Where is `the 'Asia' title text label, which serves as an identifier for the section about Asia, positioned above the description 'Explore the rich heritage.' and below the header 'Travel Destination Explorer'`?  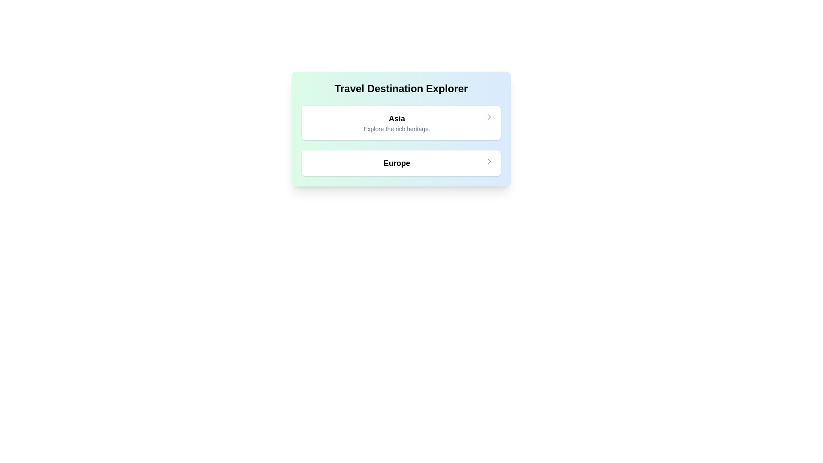
the 'Asia' title text label, which serves as an identifier for the section about Asia, positioned above the description 'Explore the rich heritage.' and below the header 'Travel Destination Explorer' is located at coordinates (396, 119).